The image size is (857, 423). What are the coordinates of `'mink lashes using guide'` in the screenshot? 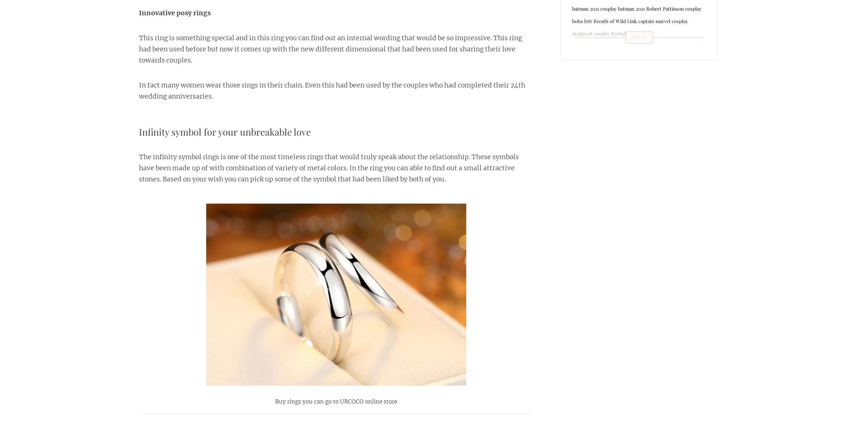 It's located at (598, 182).